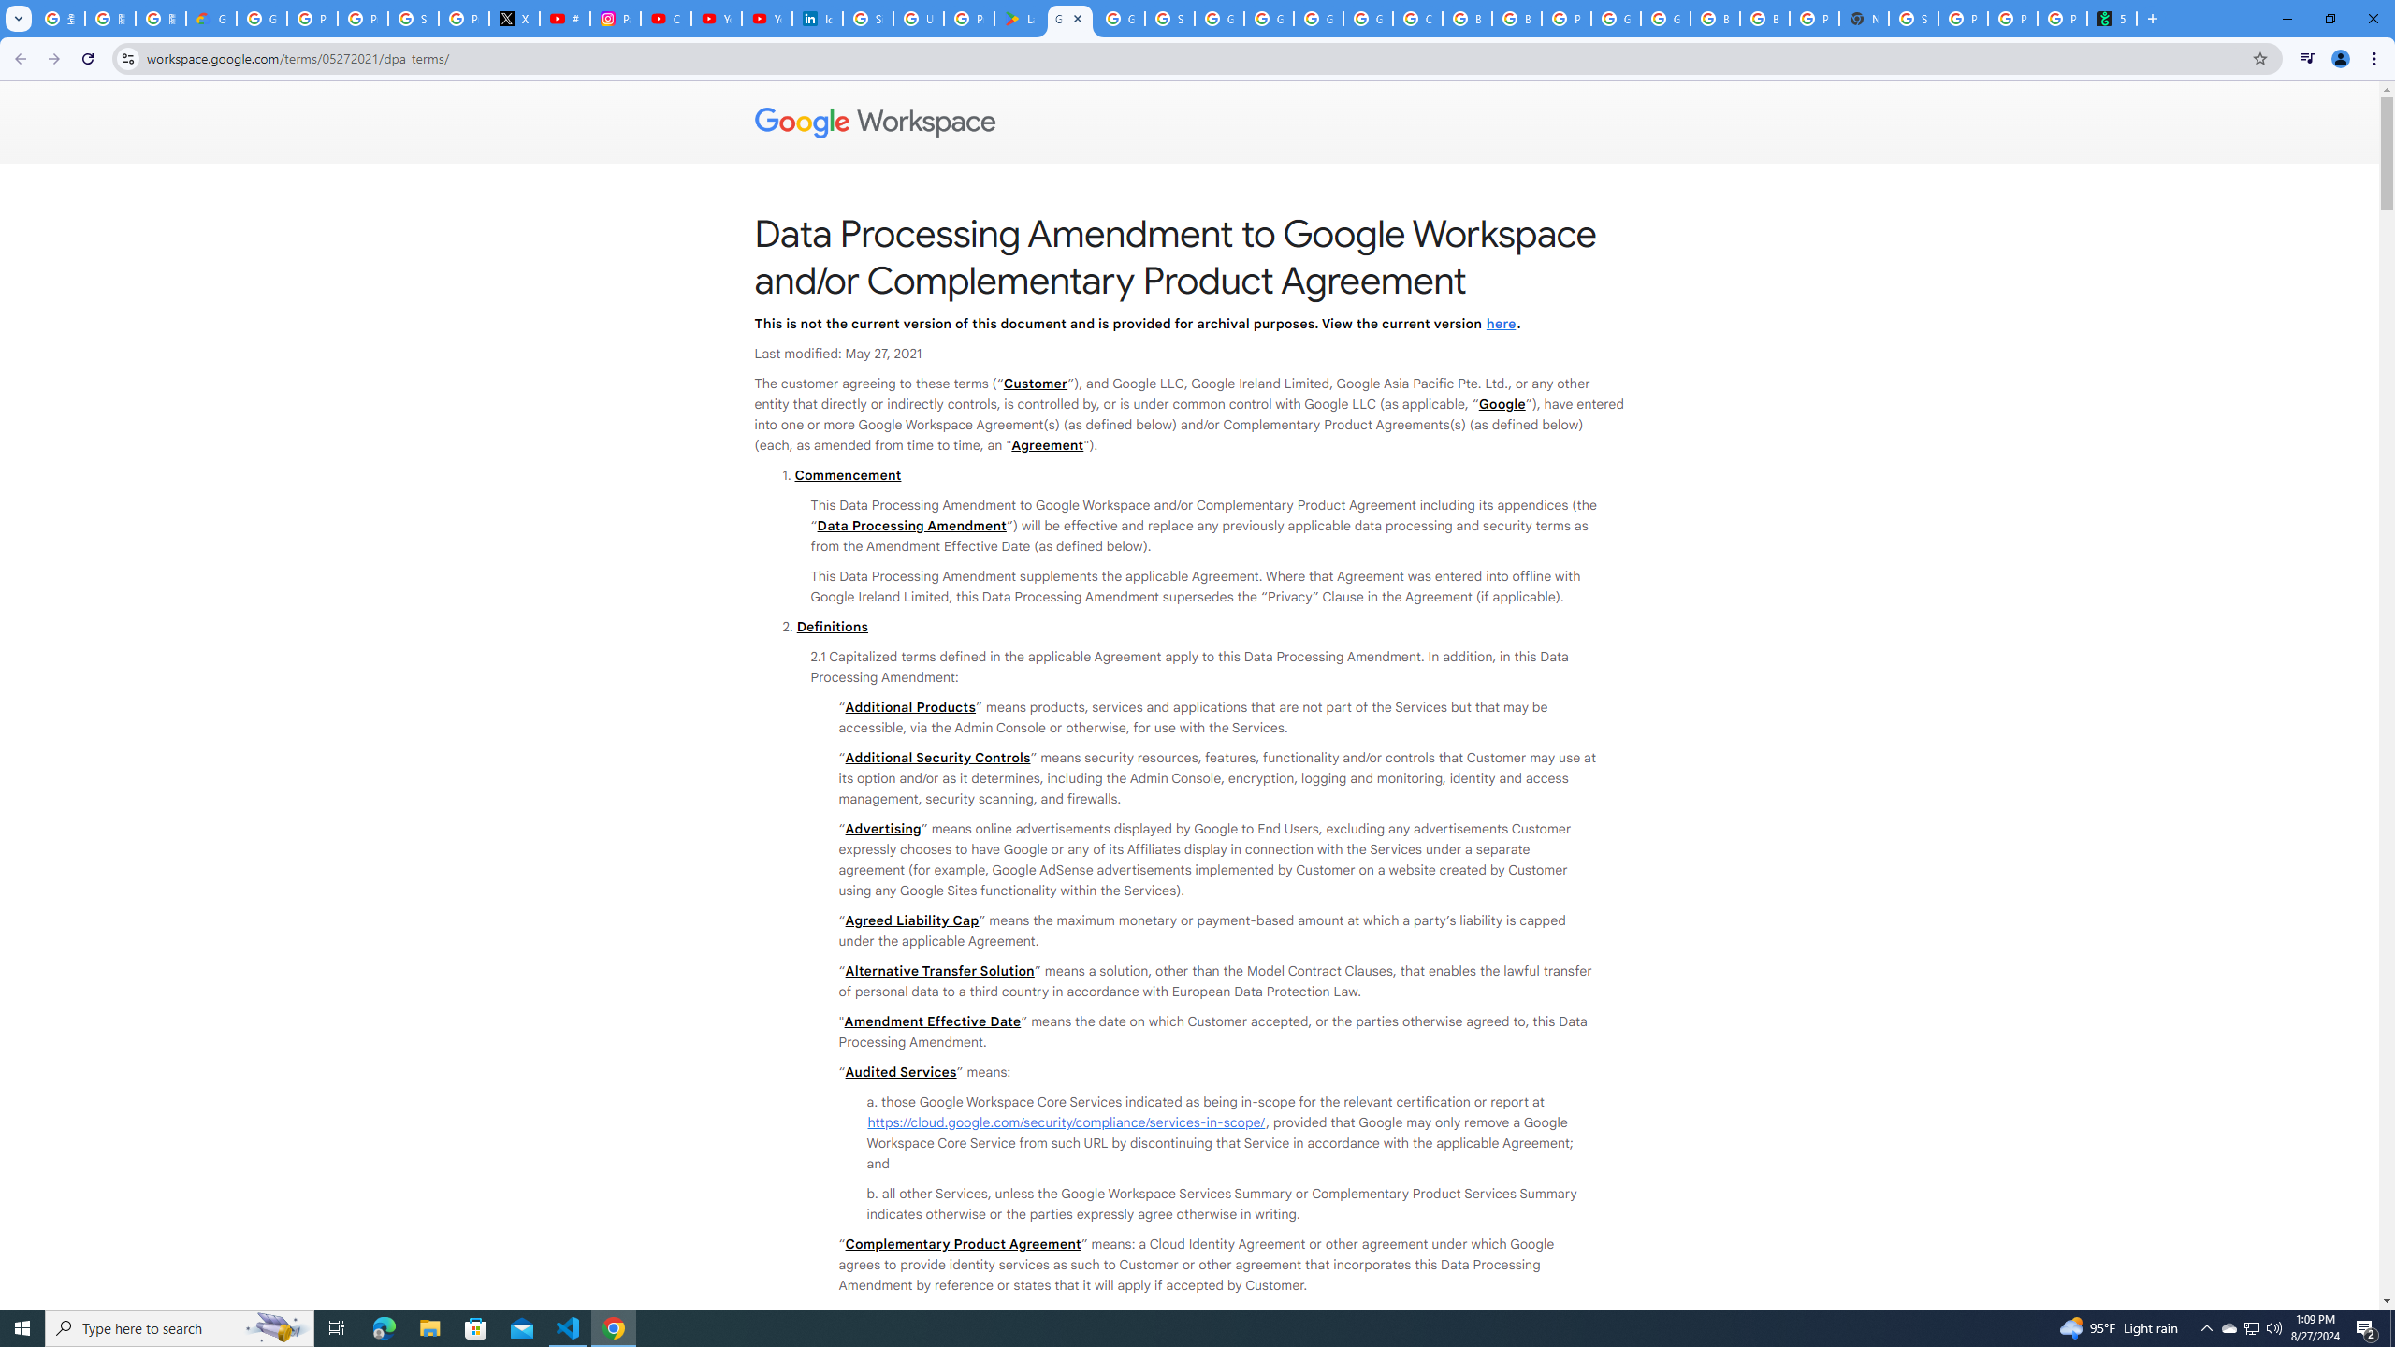  I want to click on 'Back', so click(18, 58).